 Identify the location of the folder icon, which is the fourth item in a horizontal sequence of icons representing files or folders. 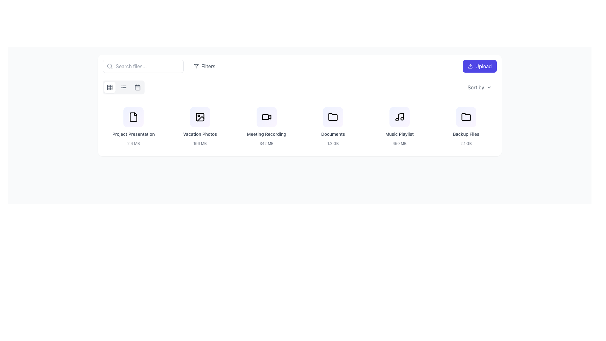
(333, 117).